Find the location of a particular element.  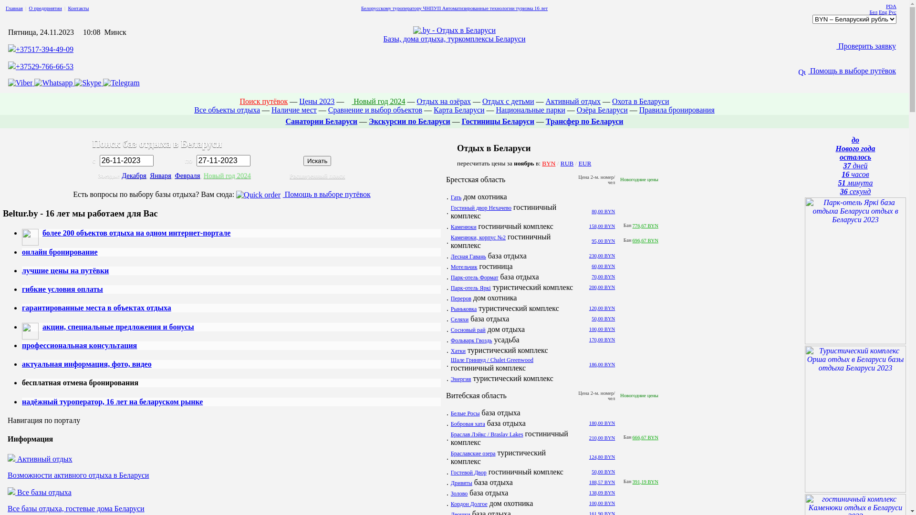

'666,67 BYN' is located at coordinates (645, 437).